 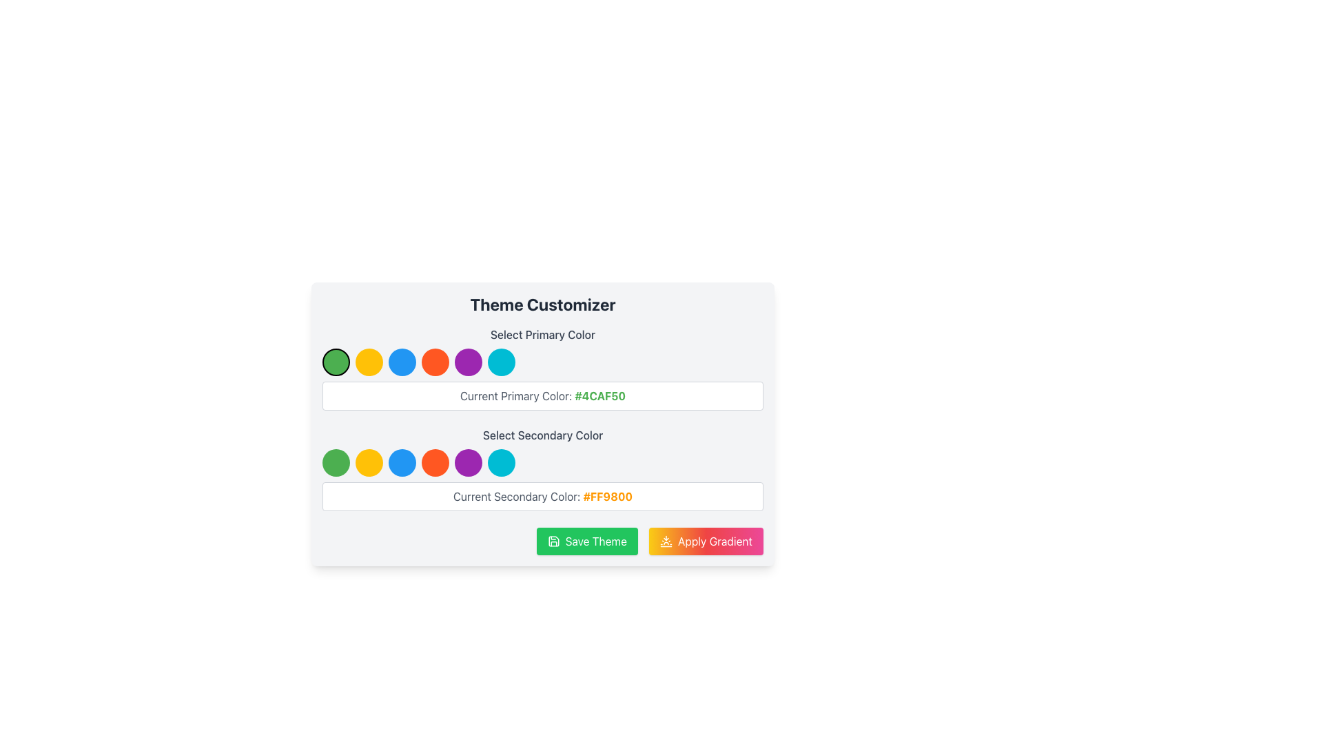 What do you see at coordinates (705, 541) in the screenshot?
I see `the 'Apply Gradient' button, which is a rectangular button with a gradient background and a sunset icon, located in the bottom-right corner of the interface` at bounding box center [705, 541].